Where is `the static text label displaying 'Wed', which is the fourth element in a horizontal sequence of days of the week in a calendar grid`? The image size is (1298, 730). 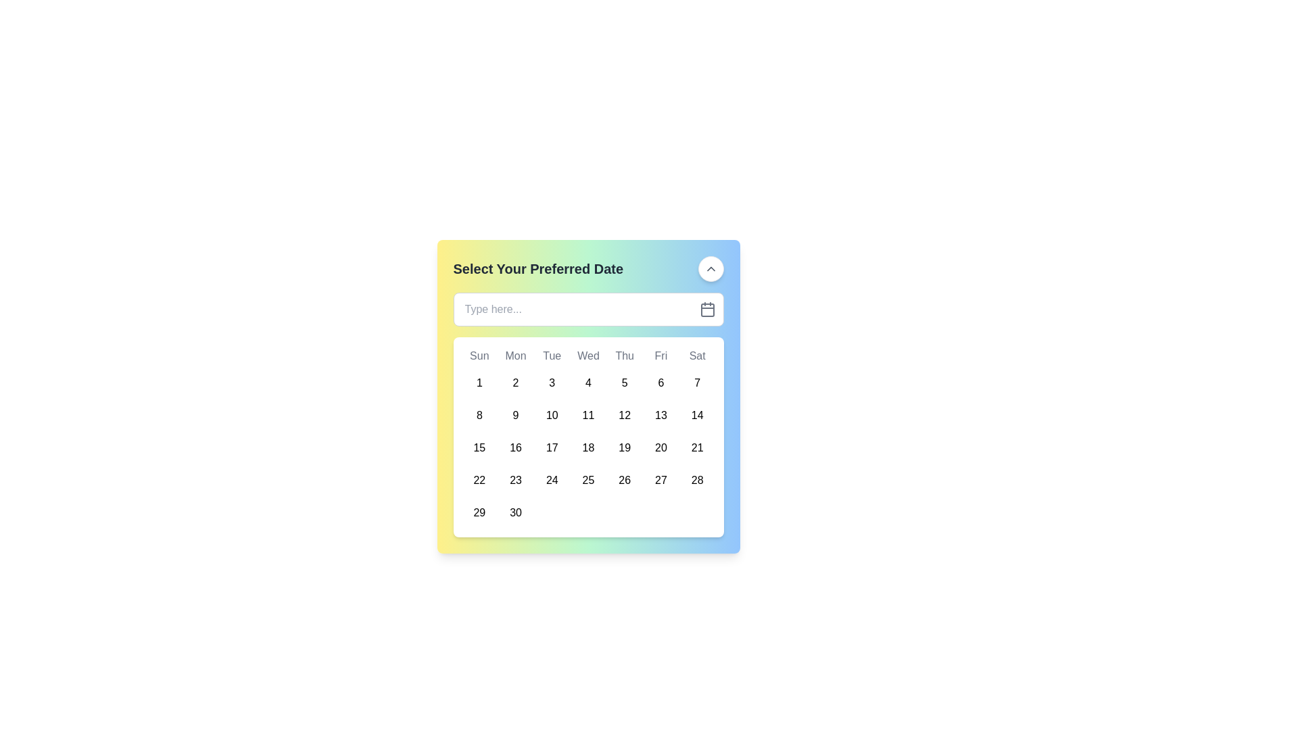 the static text label displaying 'Wed', which is the fourth element in a horizontal sequence of days of the week in a calendar grid is located at coordinates (588, 356).